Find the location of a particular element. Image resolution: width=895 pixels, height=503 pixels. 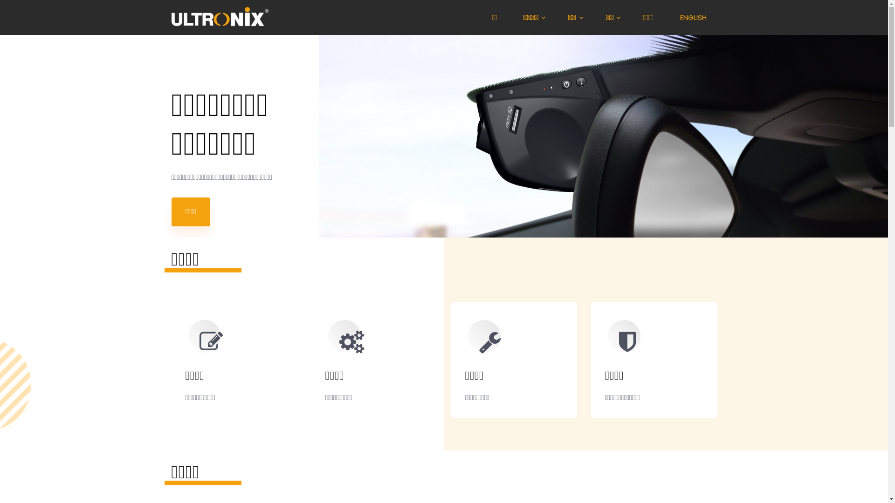

'ENGLISH' is located at coordinates (695, 18).